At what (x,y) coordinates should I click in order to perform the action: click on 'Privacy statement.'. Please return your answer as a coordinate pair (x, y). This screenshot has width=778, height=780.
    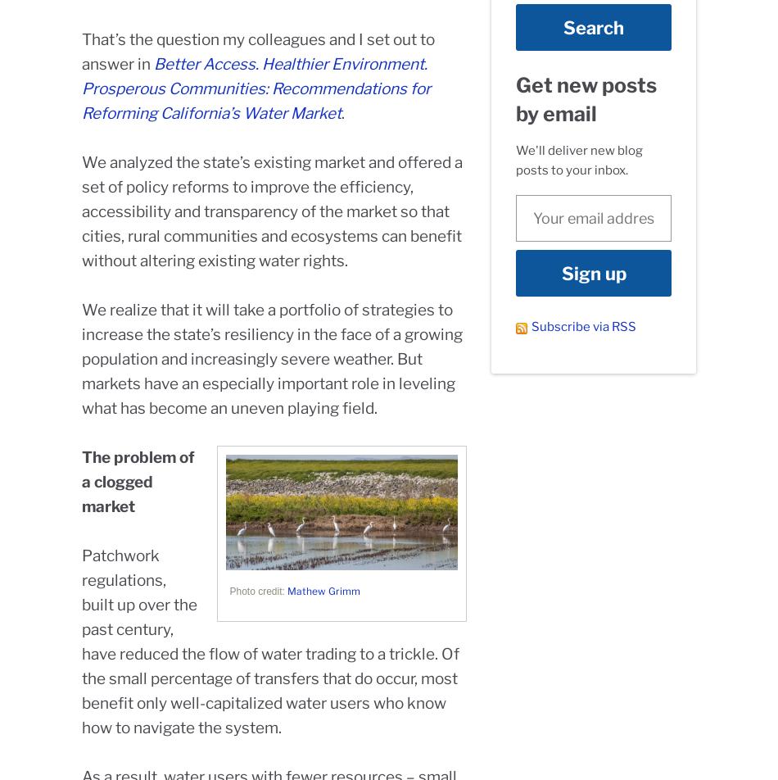
    Looking at the image, I should click on (667, 746).